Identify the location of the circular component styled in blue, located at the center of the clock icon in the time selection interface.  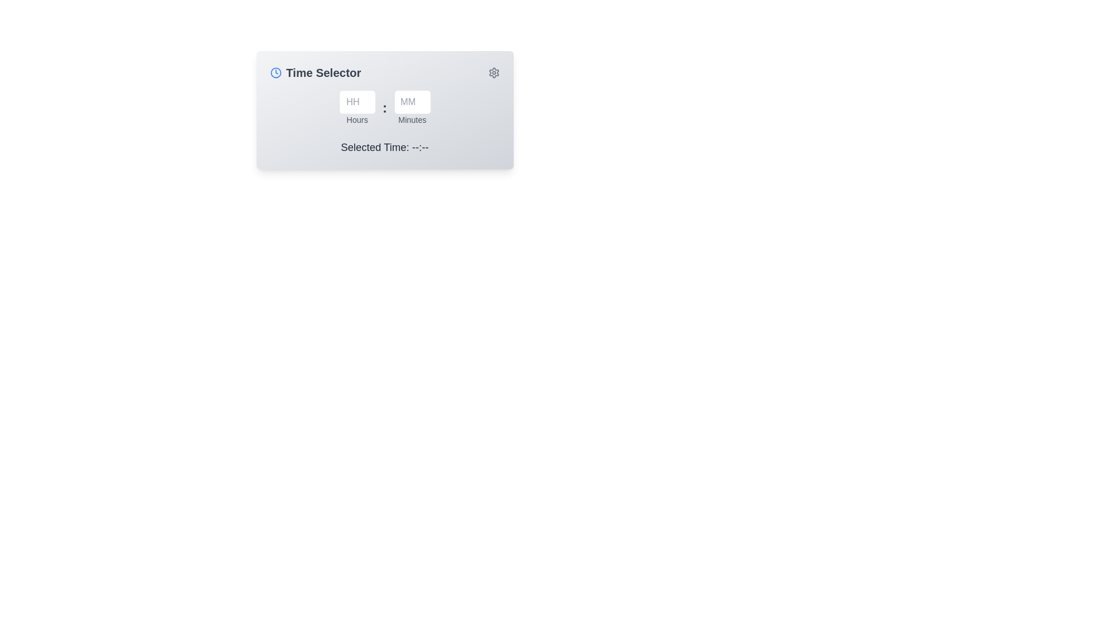
(275, 73).